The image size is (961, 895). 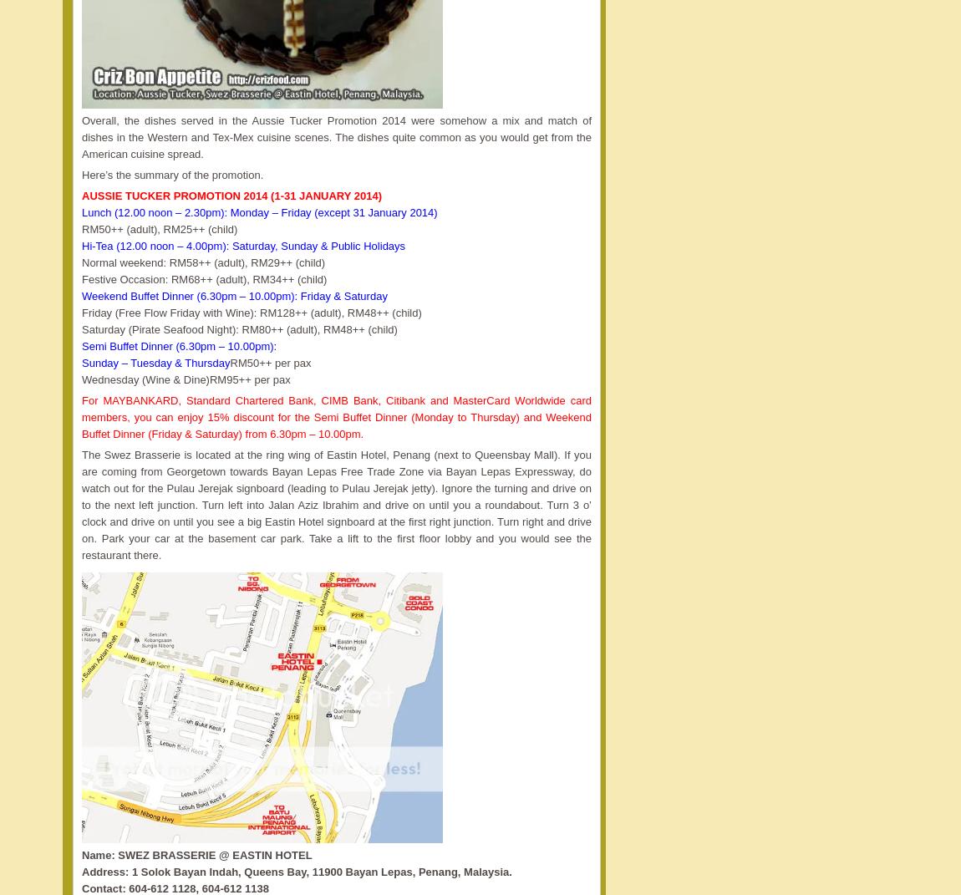 What do you see at coordinates (80, 229) in the screenshot?
I see `'RM50++ (adult), RM25++ (child)'` at bounding box center [80, 229].